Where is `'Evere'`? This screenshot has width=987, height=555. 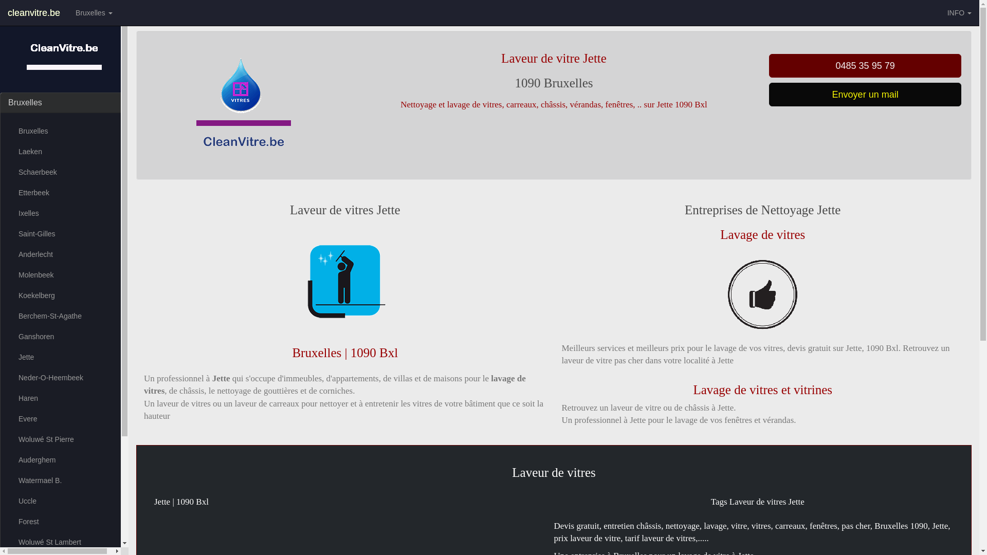 'Evere' is located at coordinates (8, 418).